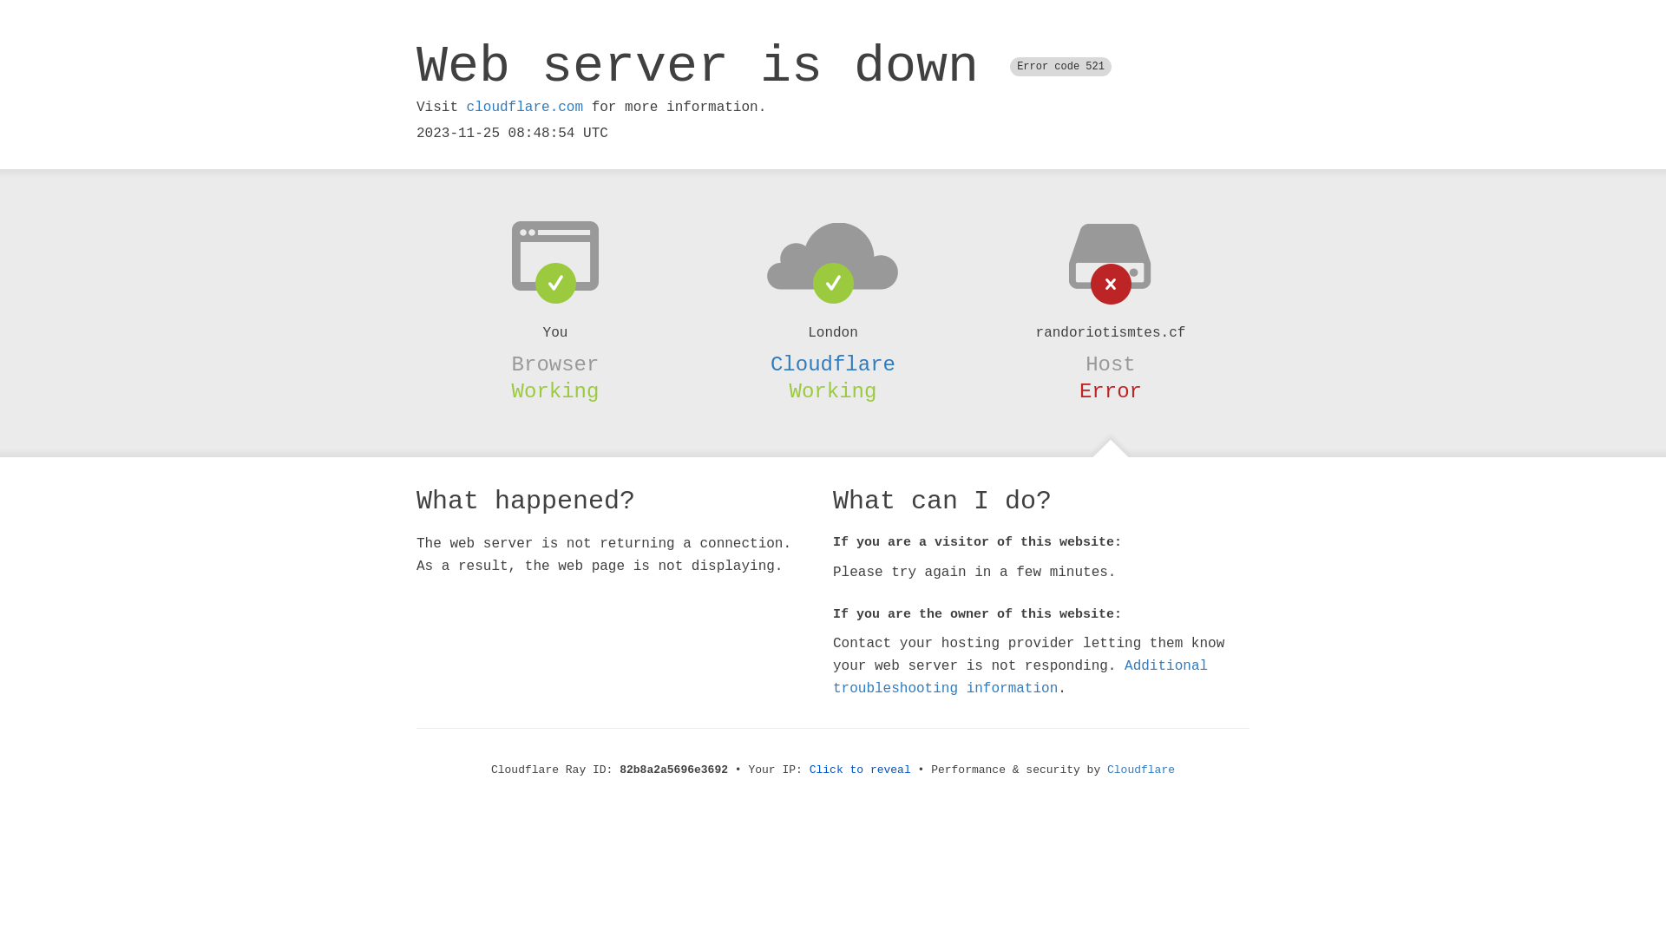 The image size is (1666, 937). I want to click on 'Cloudflare', so click(770, 364).